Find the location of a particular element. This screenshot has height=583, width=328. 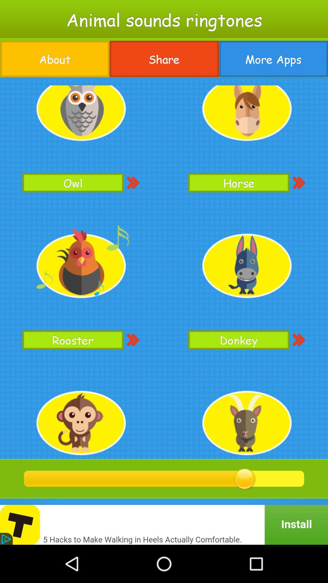

the icon to the right of share item is located at coordinates (273, 59).